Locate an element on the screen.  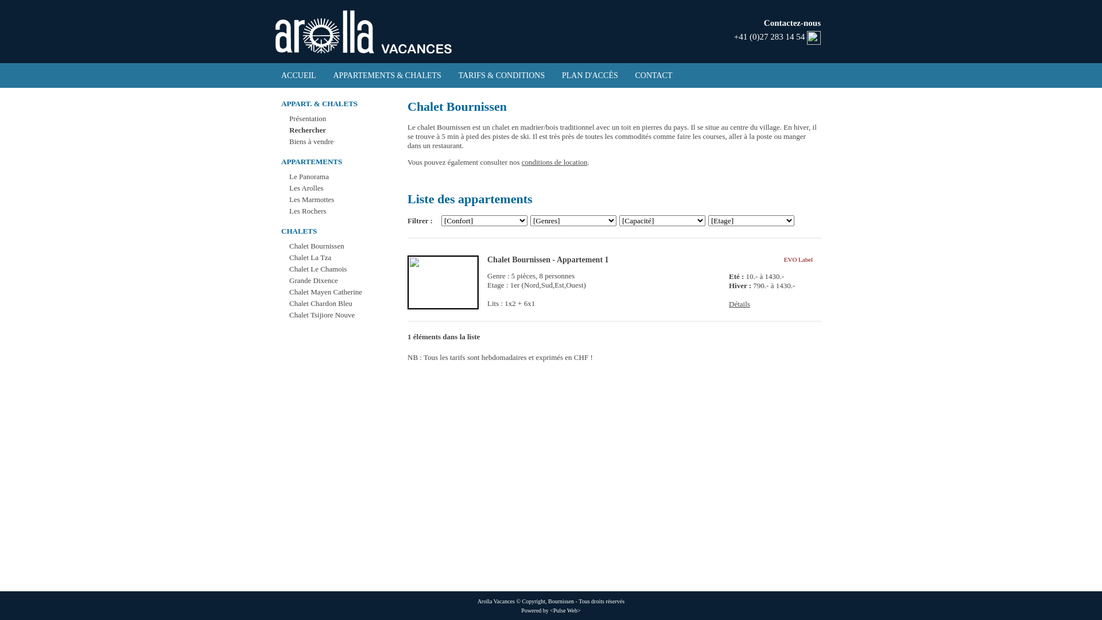
'Chalet Chardon Bleu' is located at coordinates (320, 303).